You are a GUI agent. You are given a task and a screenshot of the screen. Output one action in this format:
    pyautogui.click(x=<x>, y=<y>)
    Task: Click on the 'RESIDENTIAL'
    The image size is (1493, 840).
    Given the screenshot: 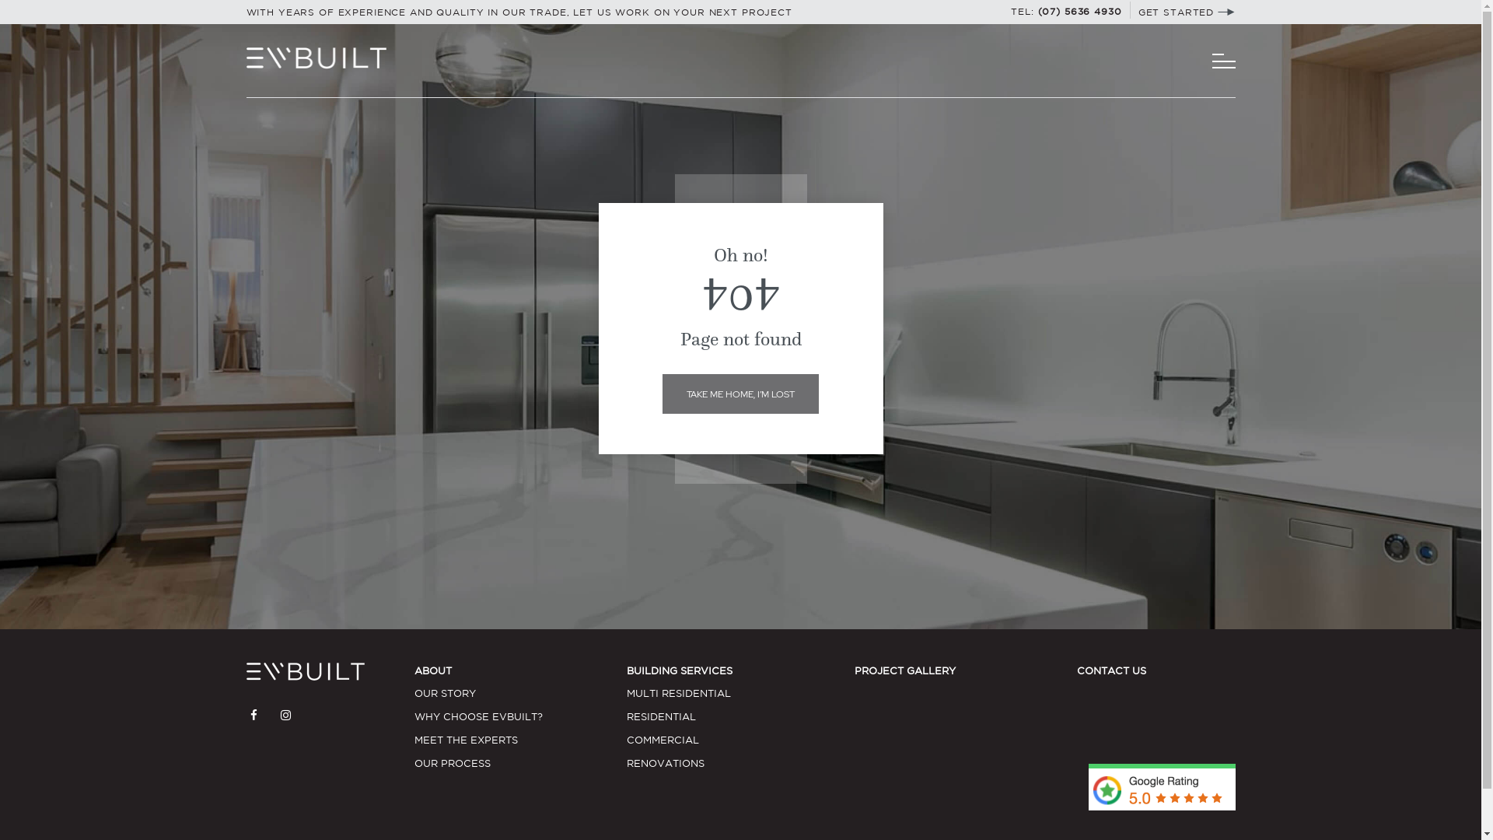 What is the action you would take?
    pyautogui.click(x=627, y=716)
    